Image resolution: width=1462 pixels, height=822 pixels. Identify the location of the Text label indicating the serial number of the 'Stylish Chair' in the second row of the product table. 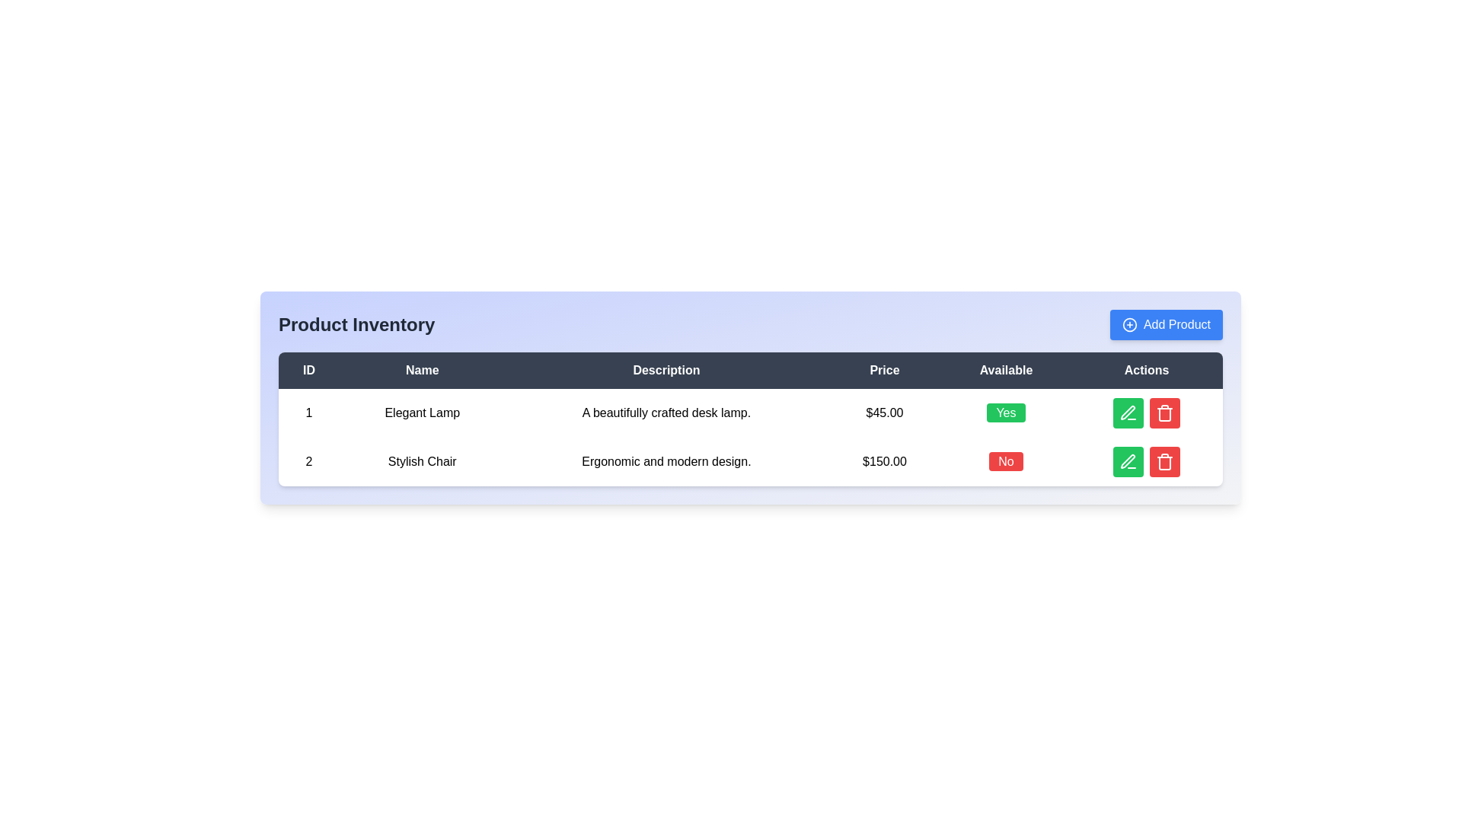
(308, 460).